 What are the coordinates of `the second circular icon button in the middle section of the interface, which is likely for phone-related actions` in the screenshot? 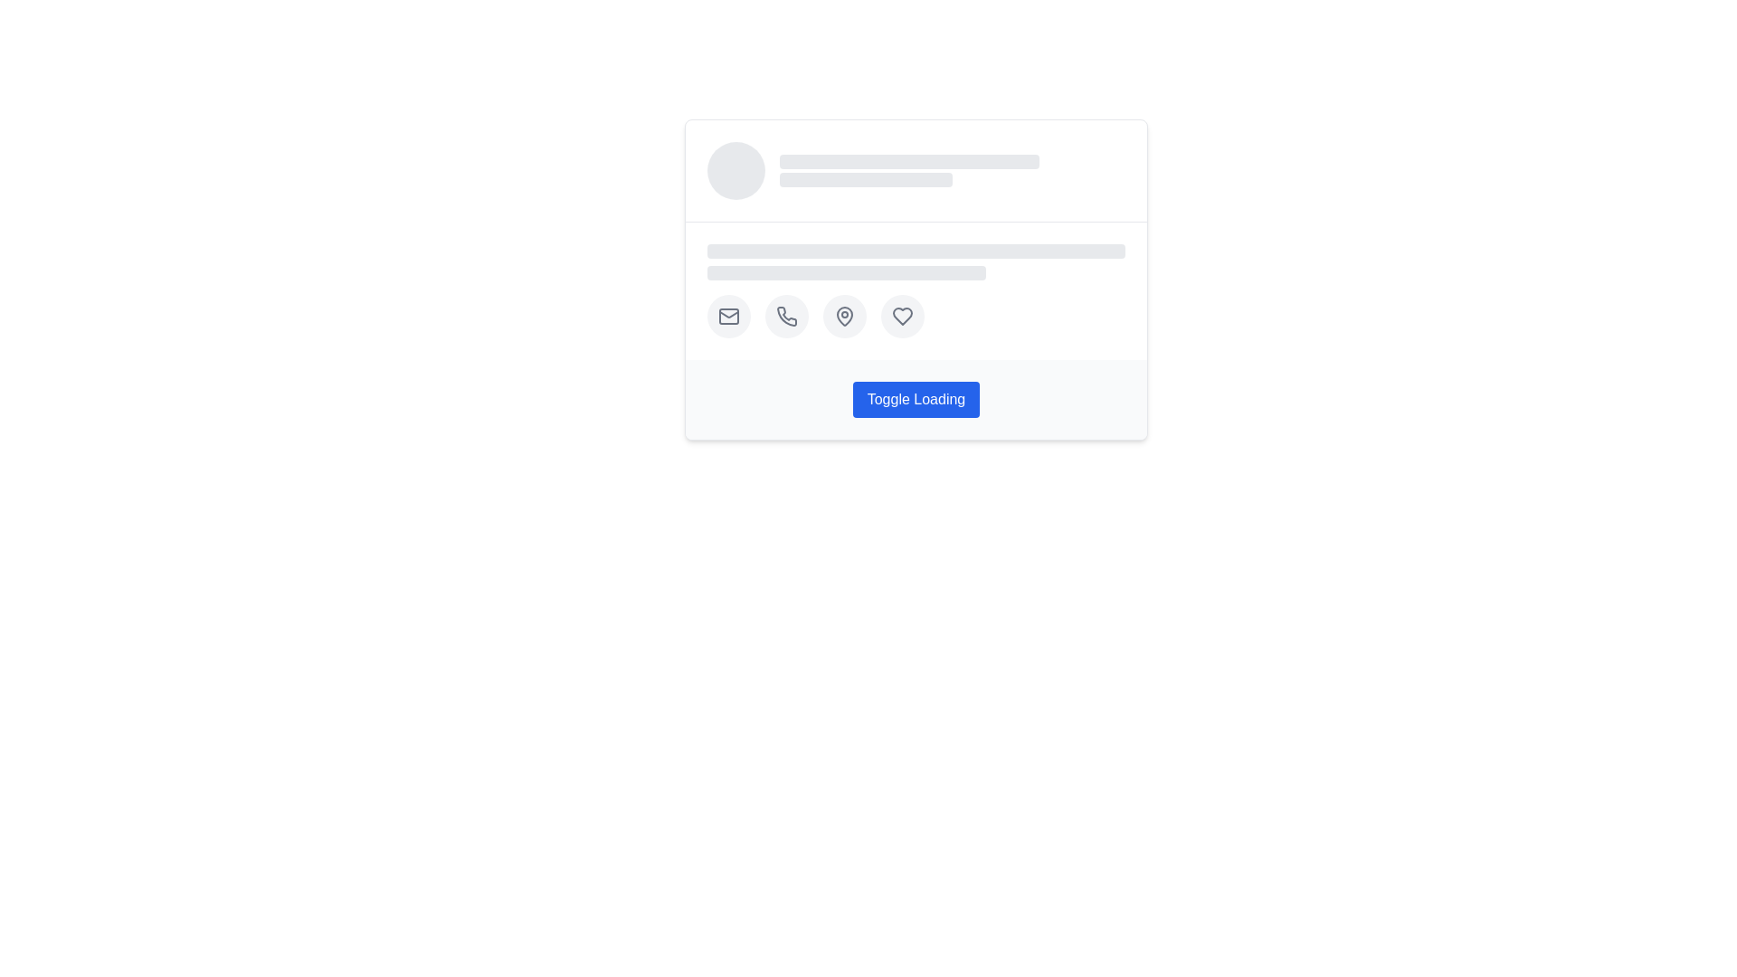 It's located at (786, 316).